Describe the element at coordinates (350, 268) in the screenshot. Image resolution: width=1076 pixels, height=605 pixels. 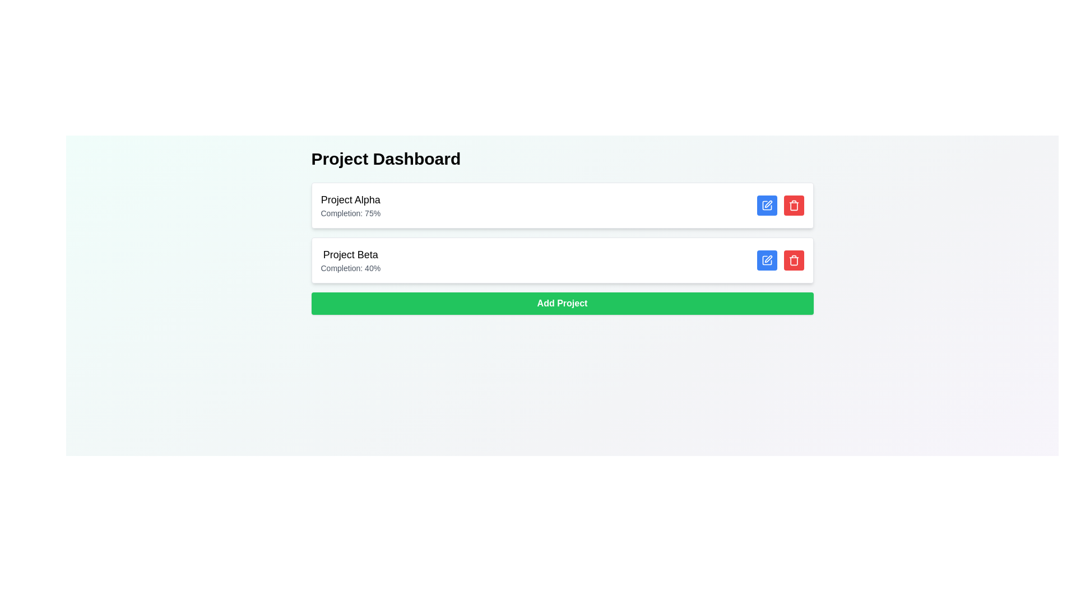
I see `the text label that displays 'Completion: 40%', which is located beneath the 'Project Beta' text in the project card component` at that location.